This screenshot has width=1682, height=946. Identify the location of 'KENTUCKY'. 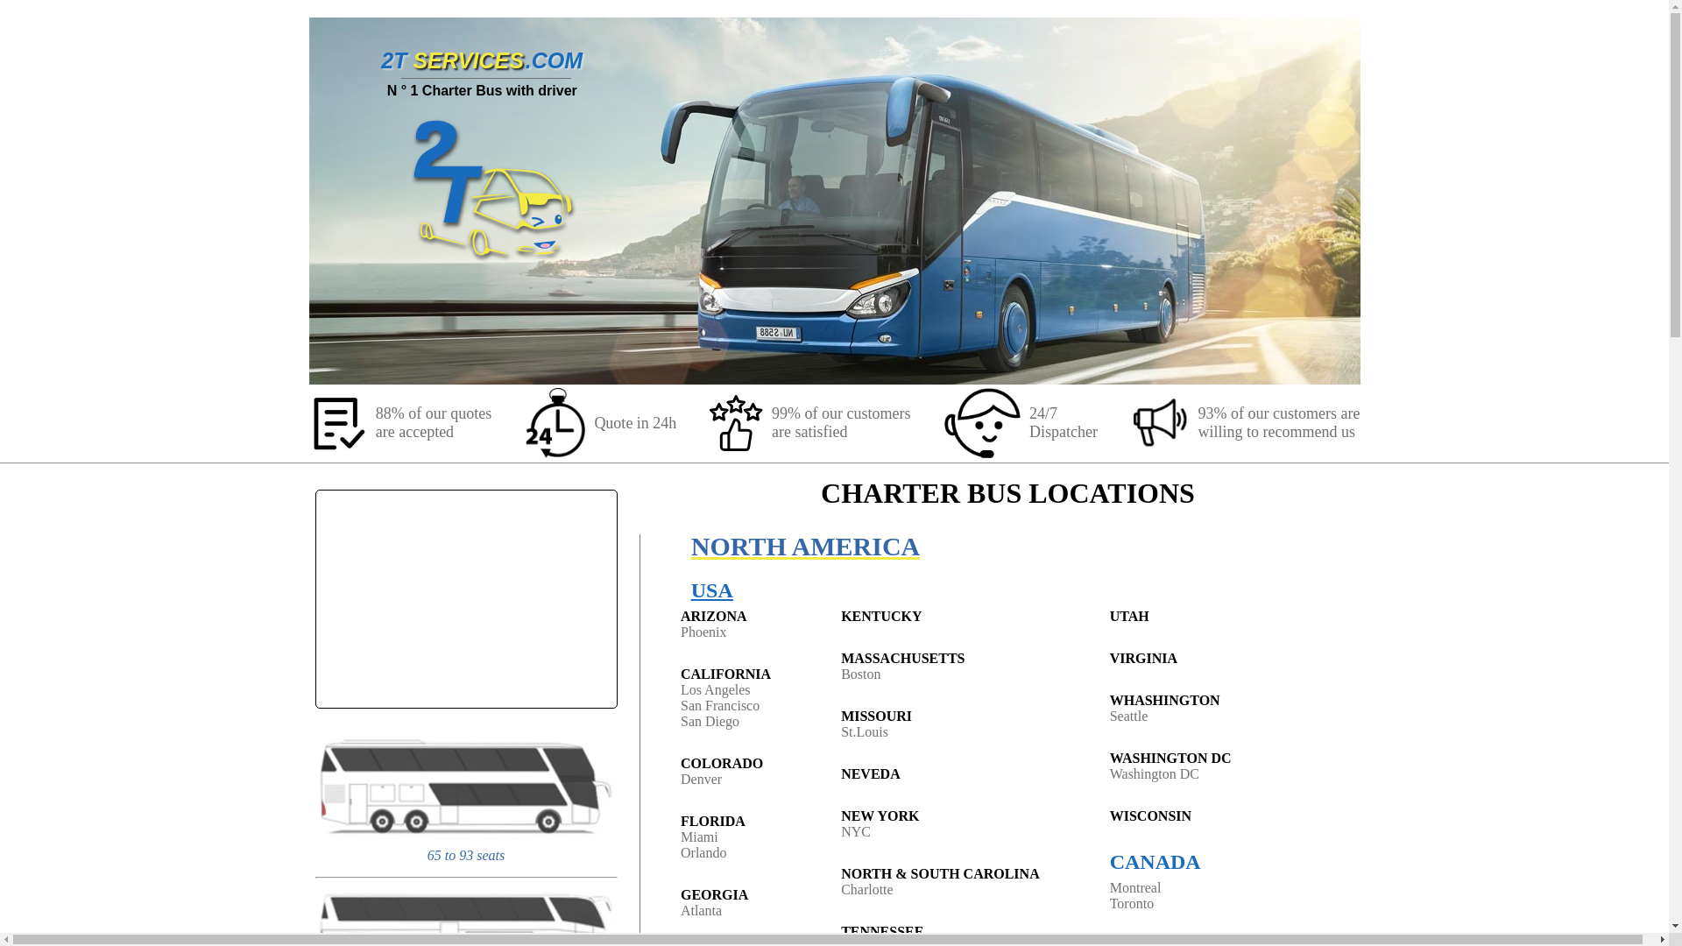
(881, 615).